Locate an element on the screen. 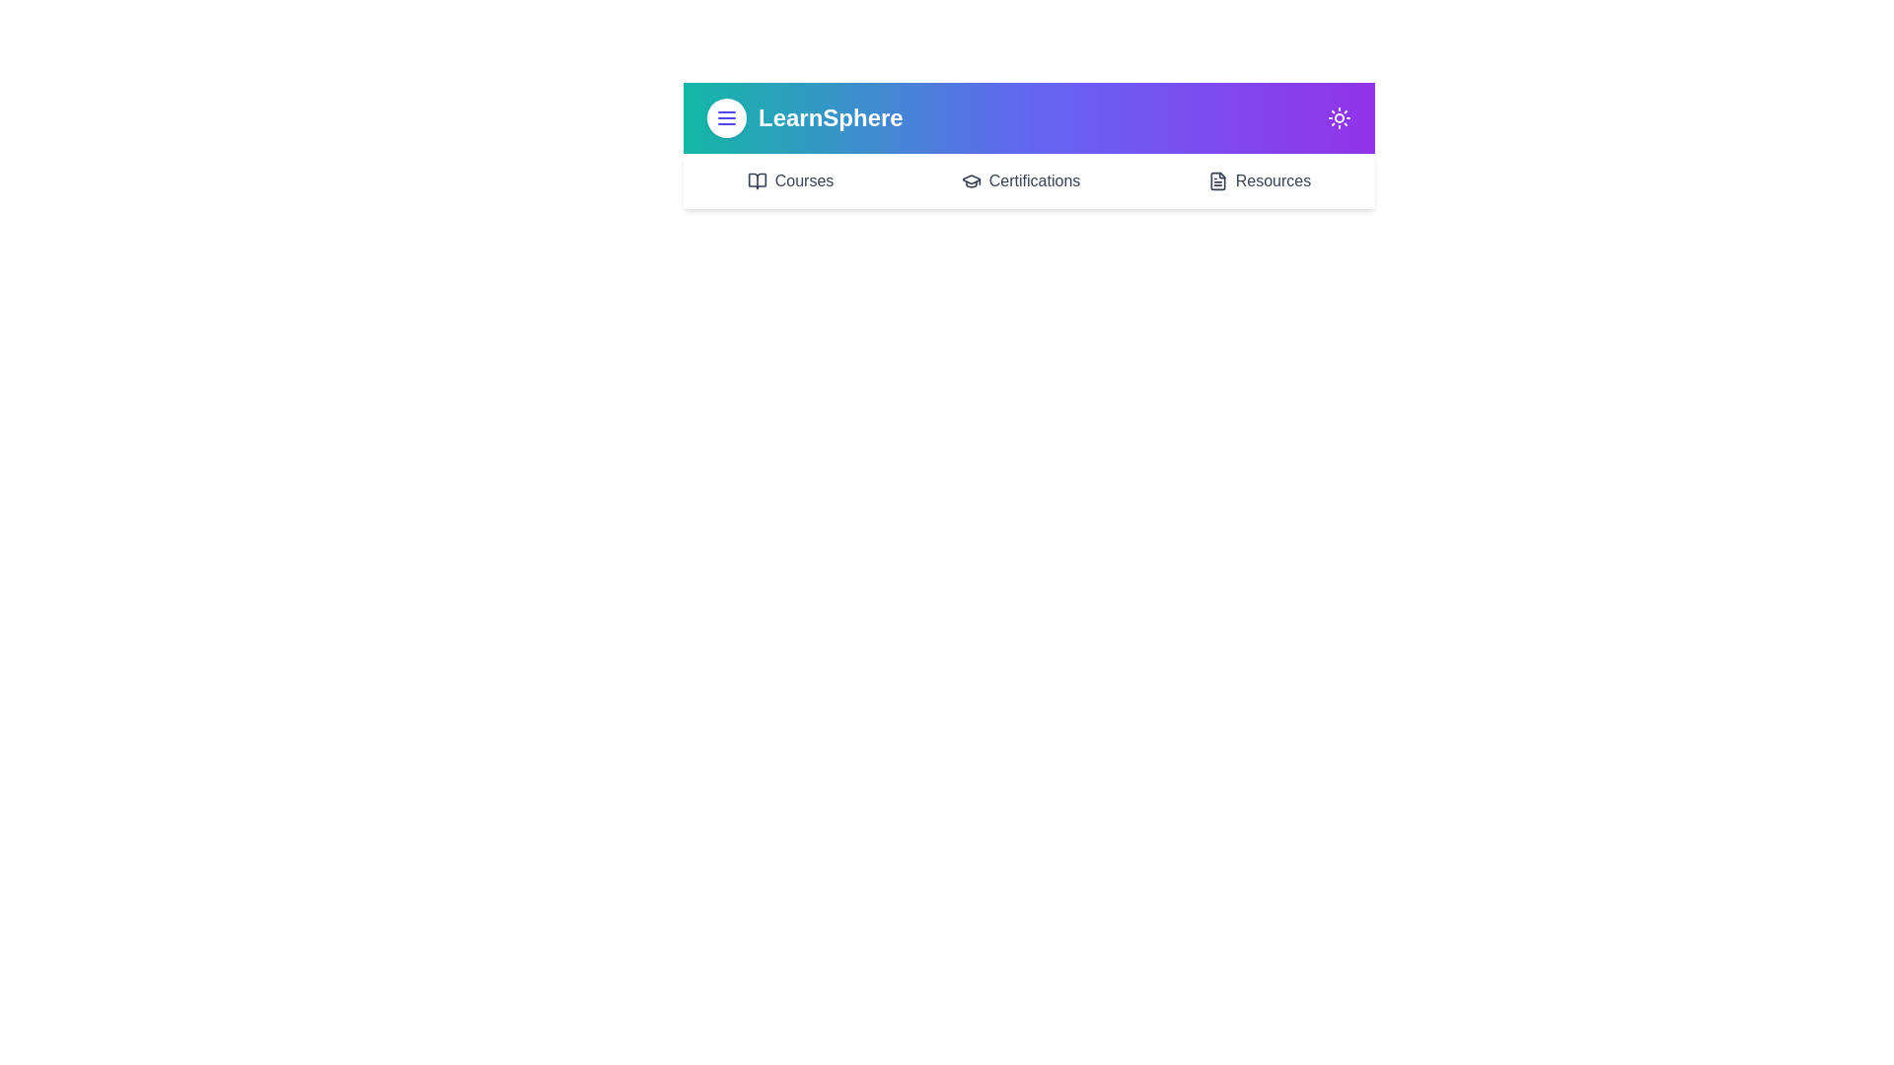  the 'Courses' navigation link in the app bar is located at coordinates (790, 181).